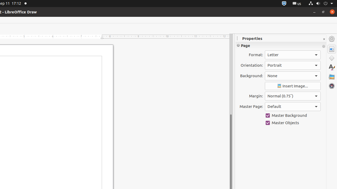  What do you see at coordinates (320, 3) in the screenshot?
I see `'System'` at bounding box center [320, 3].